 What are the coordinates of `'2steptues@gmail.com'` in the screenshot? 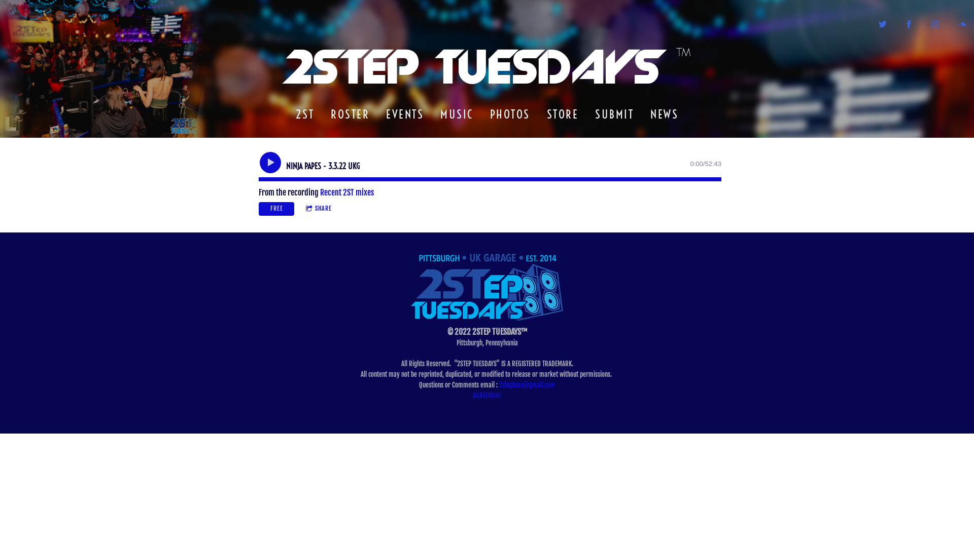 It's located at (527, 384).